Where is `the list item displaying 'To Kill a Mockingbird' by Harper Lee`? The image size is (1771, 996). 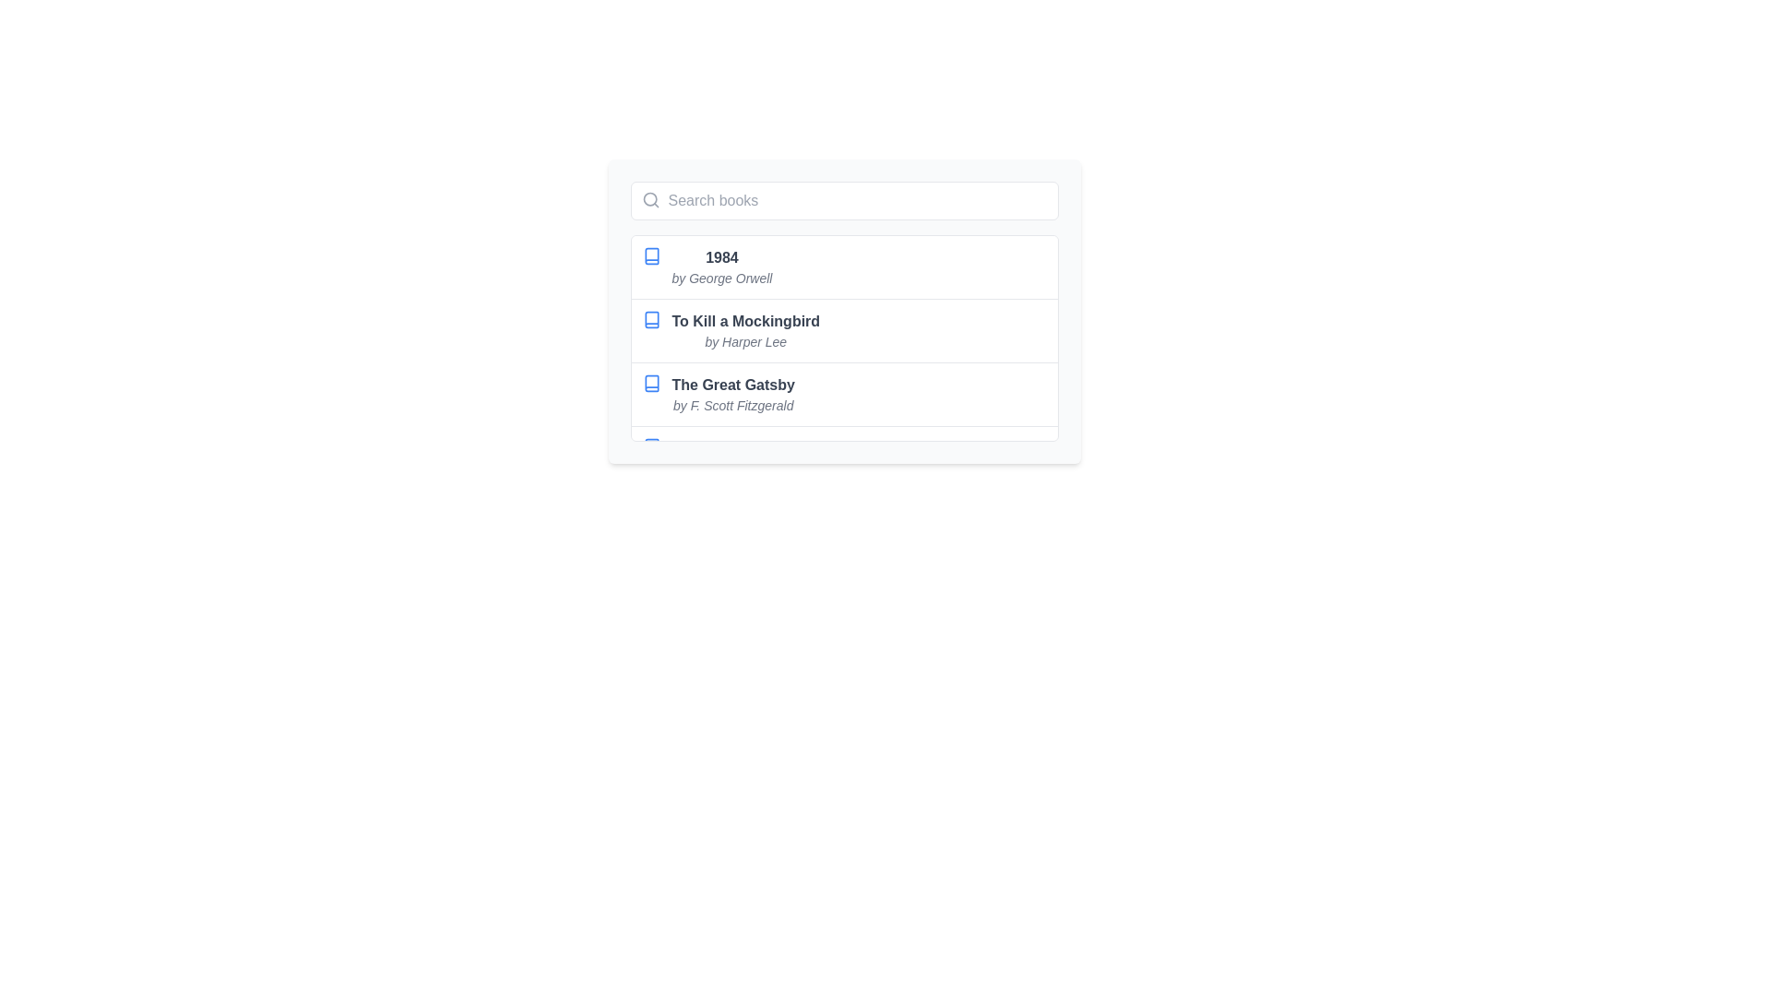
the list item displaying 'To Kill a Mockingbird' by Harper Lee is located at coordinates (745, 329).